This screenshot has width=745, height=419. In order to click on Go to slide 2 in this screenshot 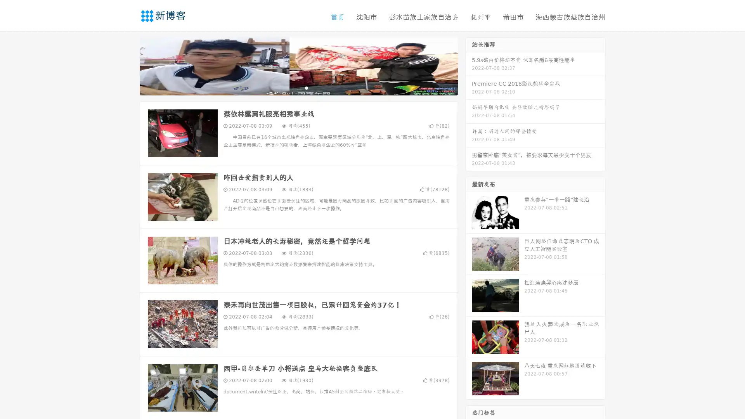, I will do `click(298, 87)`.